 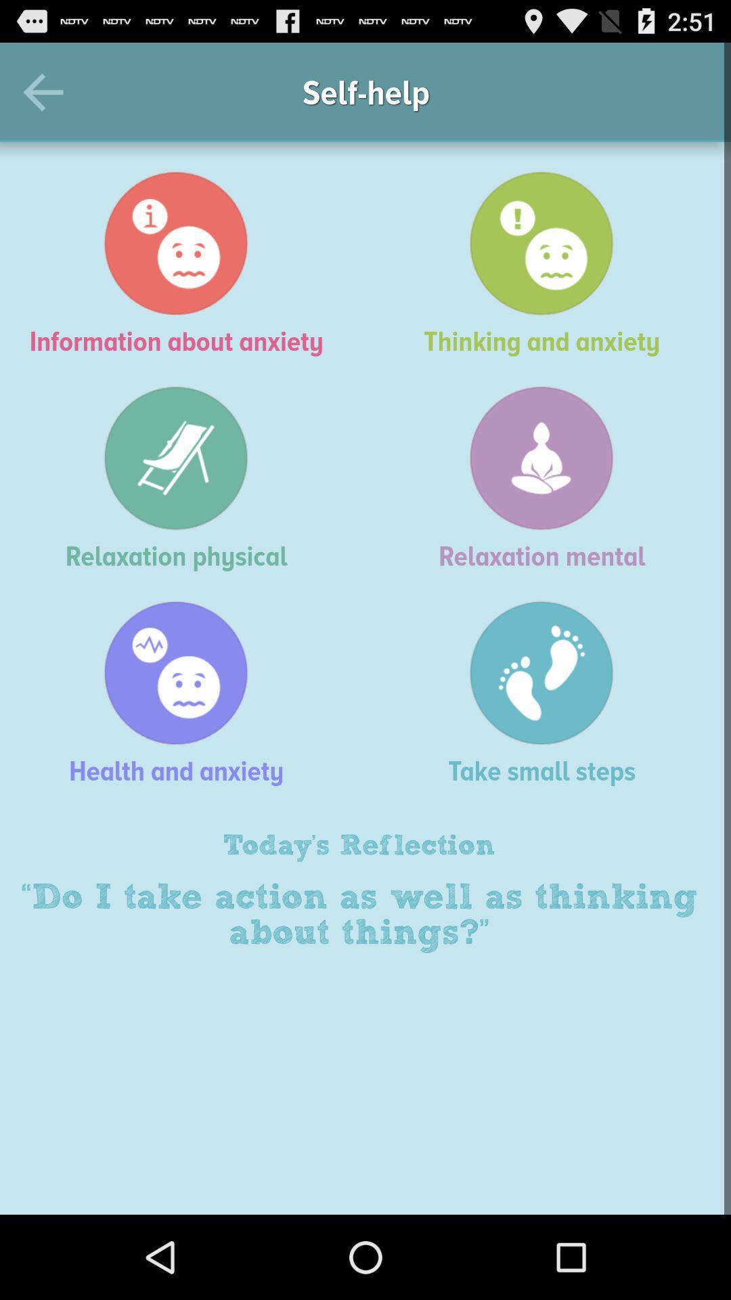 What do you see at coordinates (548, 693) in the screenshot?
I see `the icon next to the health and anxiety item` at bounding box center [548, 693].